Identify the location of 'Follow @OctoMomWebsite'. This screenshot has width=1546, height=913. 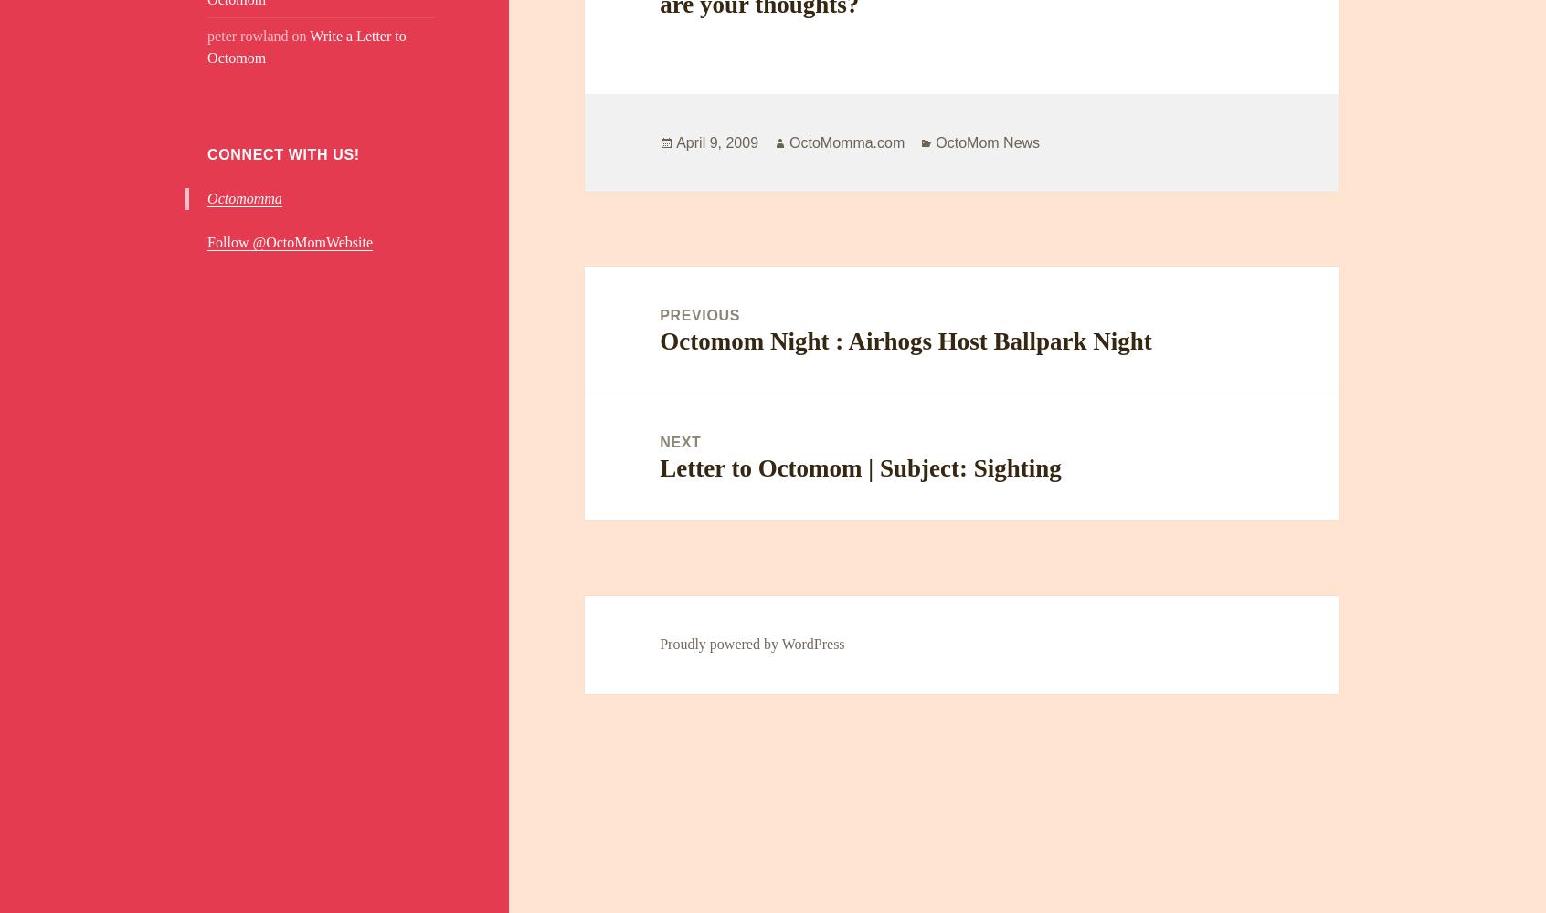
(207, 242).